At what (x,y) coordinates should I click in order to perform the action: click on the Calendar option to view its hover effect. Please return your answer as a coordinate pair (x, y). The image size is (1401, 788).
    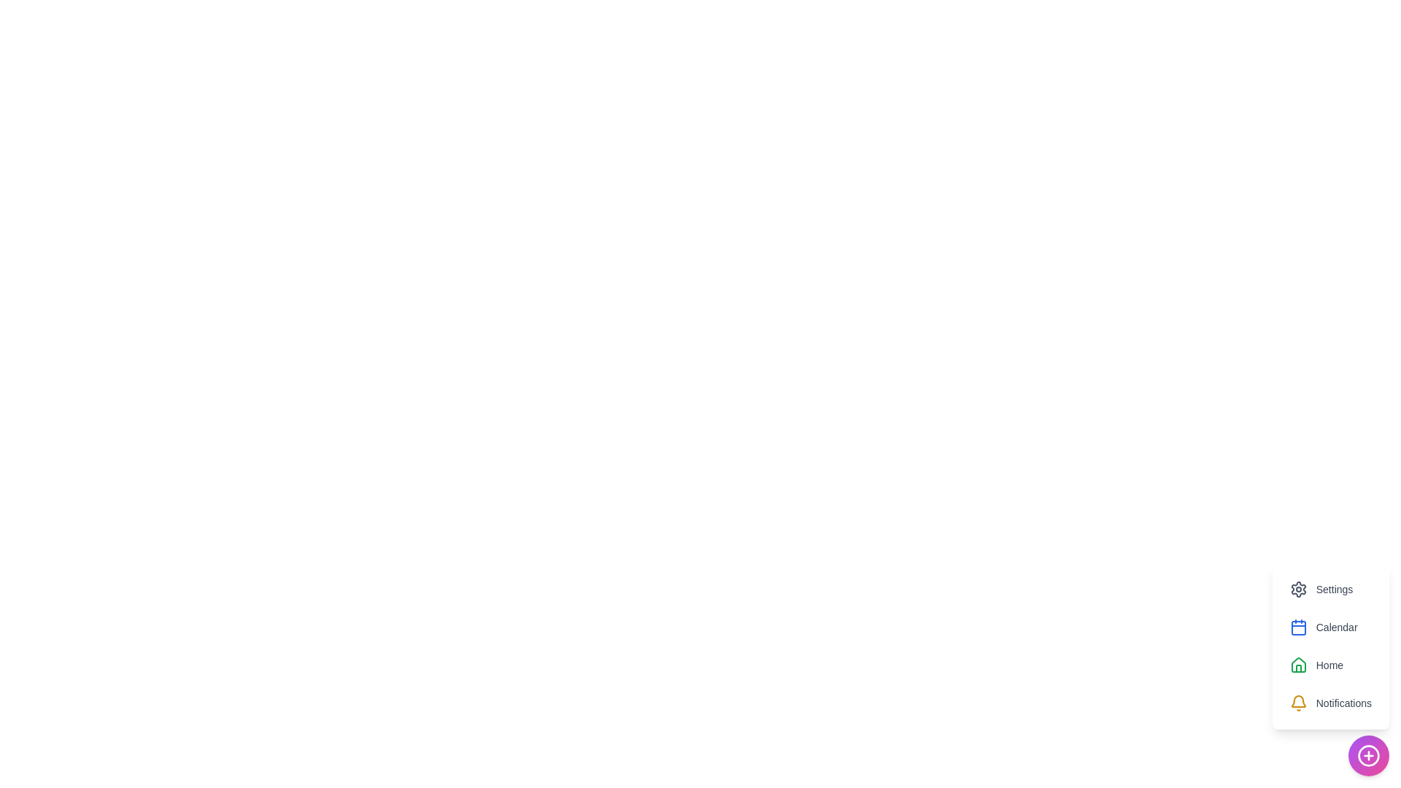
    Looking at the image, I should click on (1324, 627).